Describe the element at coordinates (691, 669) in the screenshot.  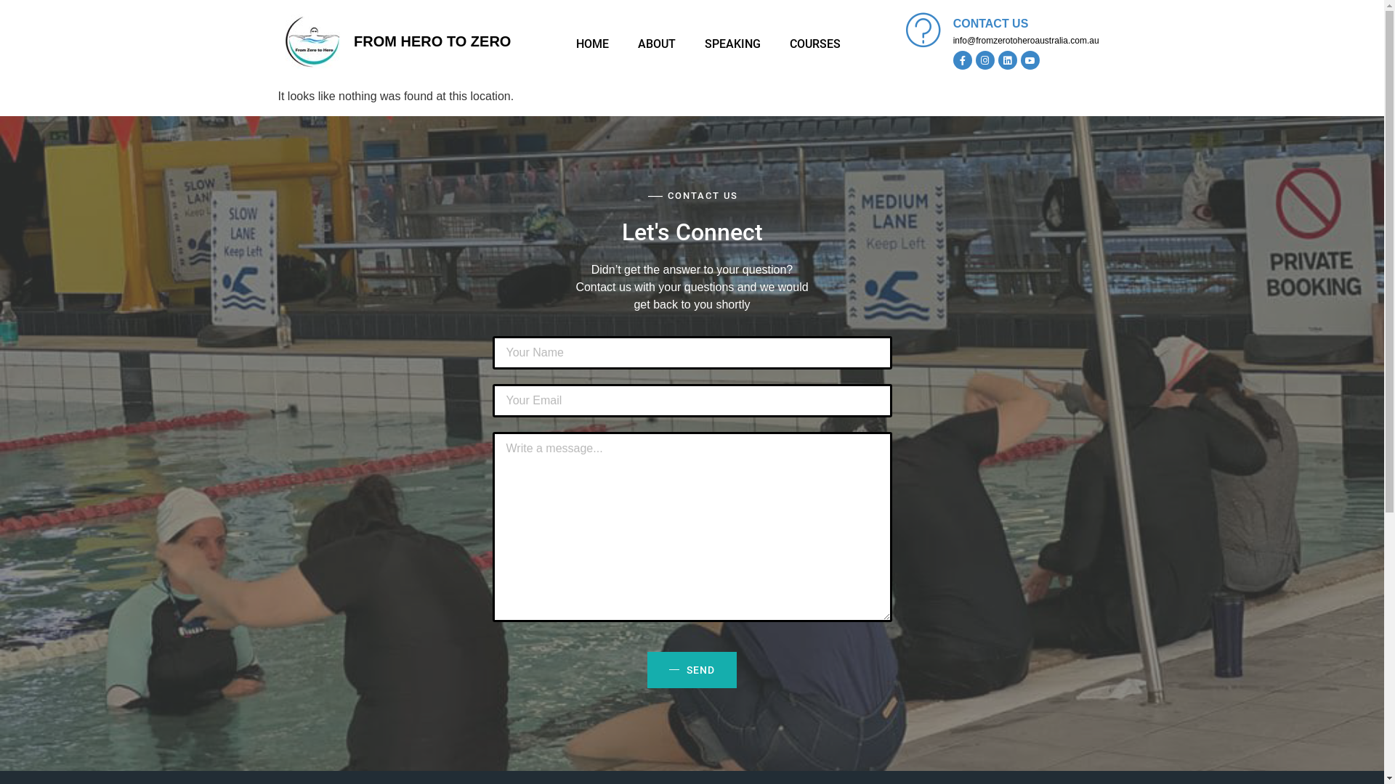
I see `'SEND'` at that location.